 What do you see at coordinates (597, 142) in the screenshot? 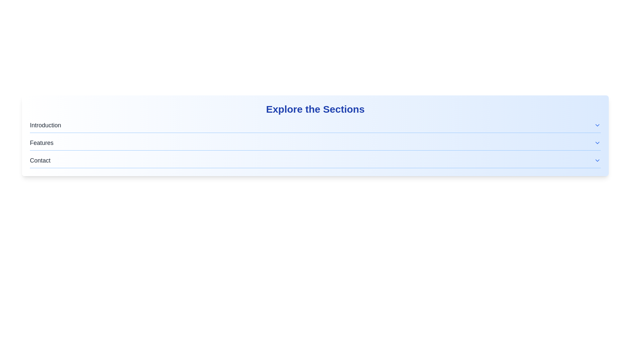
I see `the downward-facing blue chevron icon next to the 'Features' label` at bounding box center [597, 142].